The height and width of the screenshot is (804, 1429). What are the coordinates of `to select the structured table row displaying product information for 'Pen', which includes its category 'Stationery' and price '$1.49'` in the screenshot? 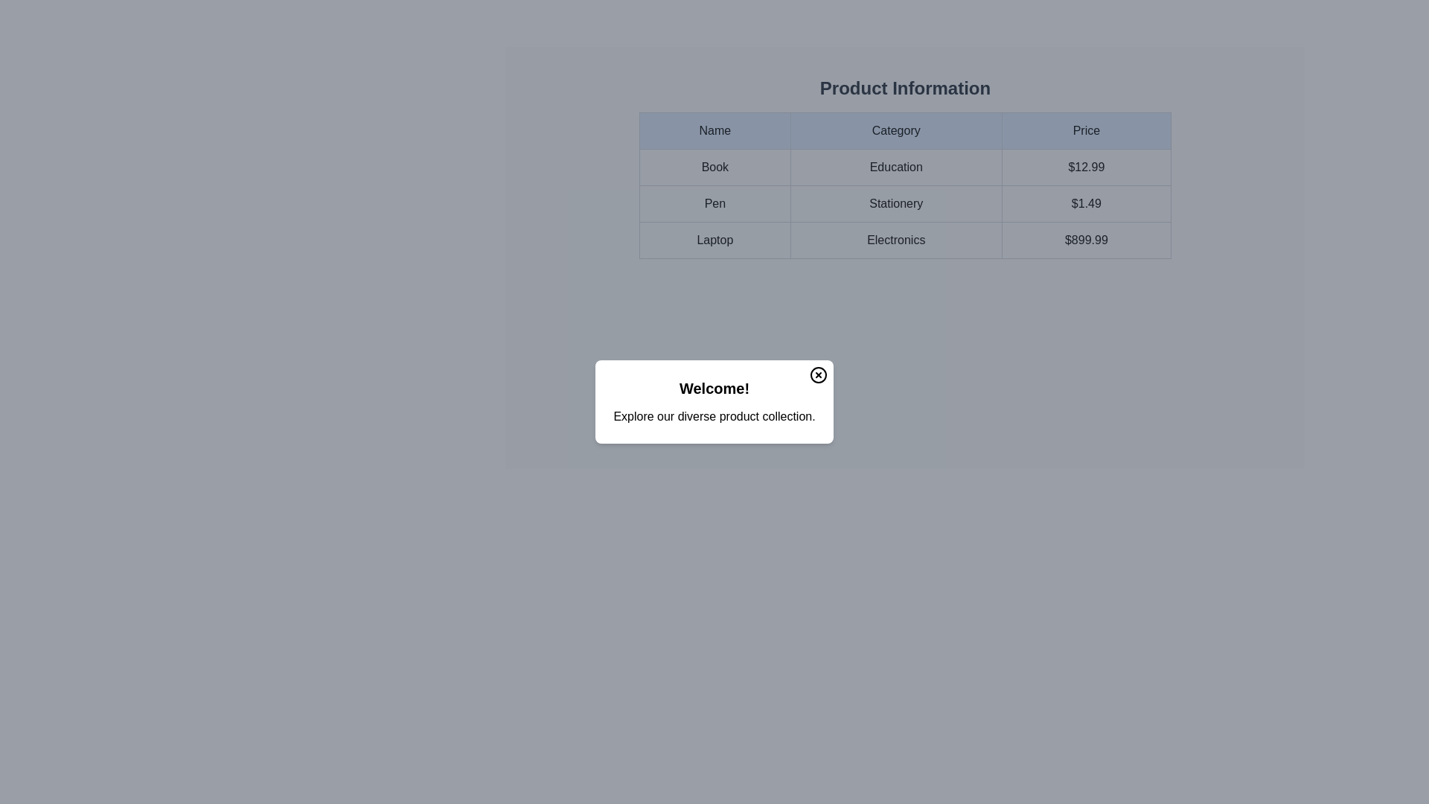 It's located at (904, 203).